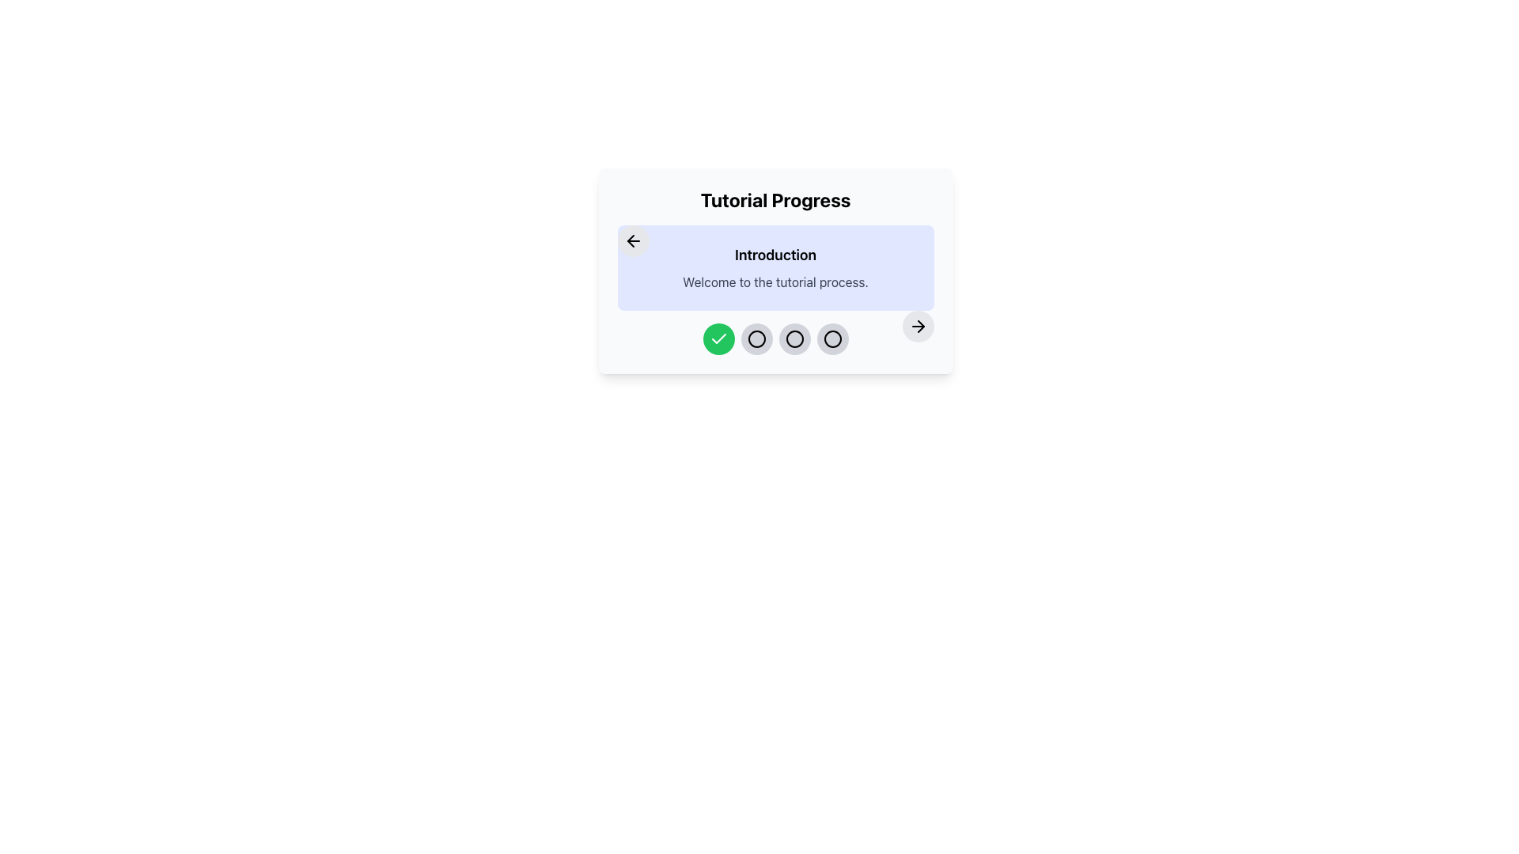  What do you see at coordinates (831, 338) in the screenshot?
I see `the third circle SVG graphical element located at the bottom of the interface` at bounding box center [831, 338].